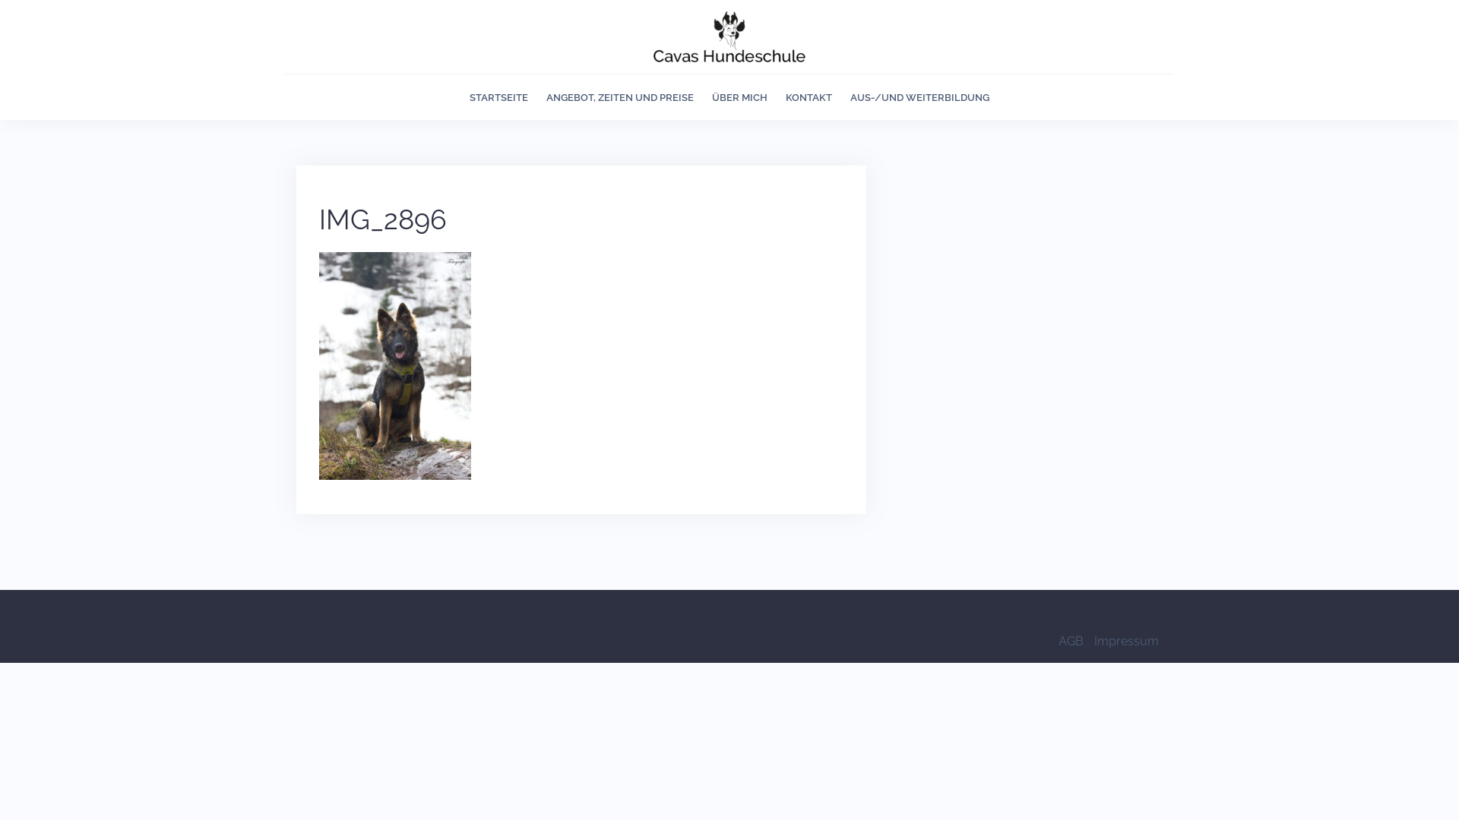  Describe the element at coordinates (546, 98) in the screenshot. I see `'ANGEBOT, ZEITEN UND PREISE'` at that location.